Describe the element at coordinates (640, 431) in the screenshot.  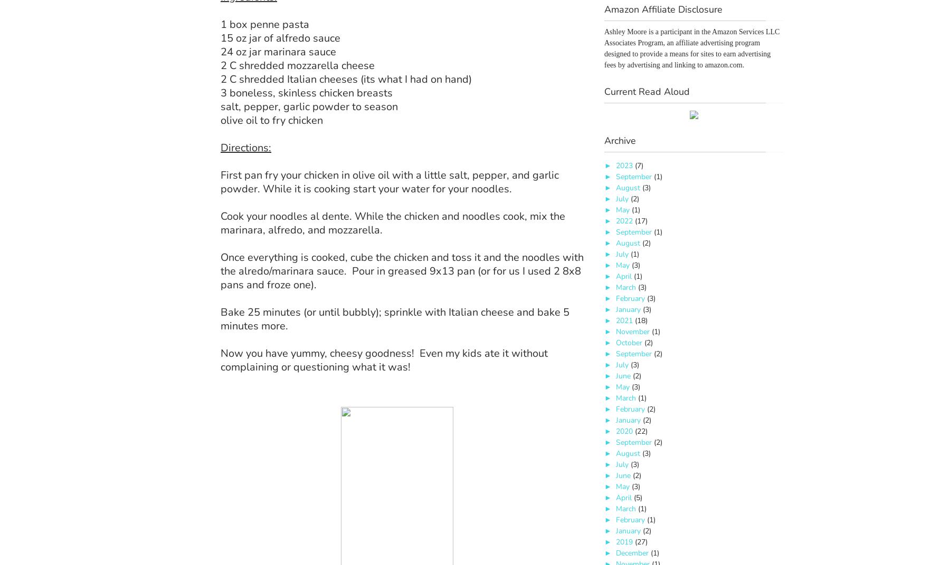
I see `'(22)'` at that location.